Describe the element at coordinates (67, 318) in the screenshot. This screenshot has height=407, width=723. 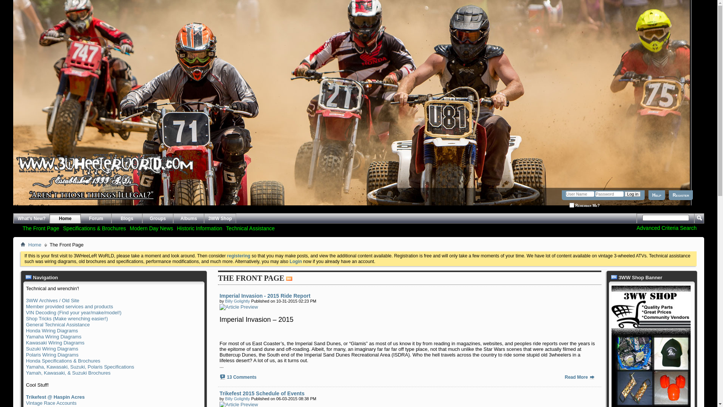
I see `'Shop Tricks (Make wrenching easier!)'` at that location.